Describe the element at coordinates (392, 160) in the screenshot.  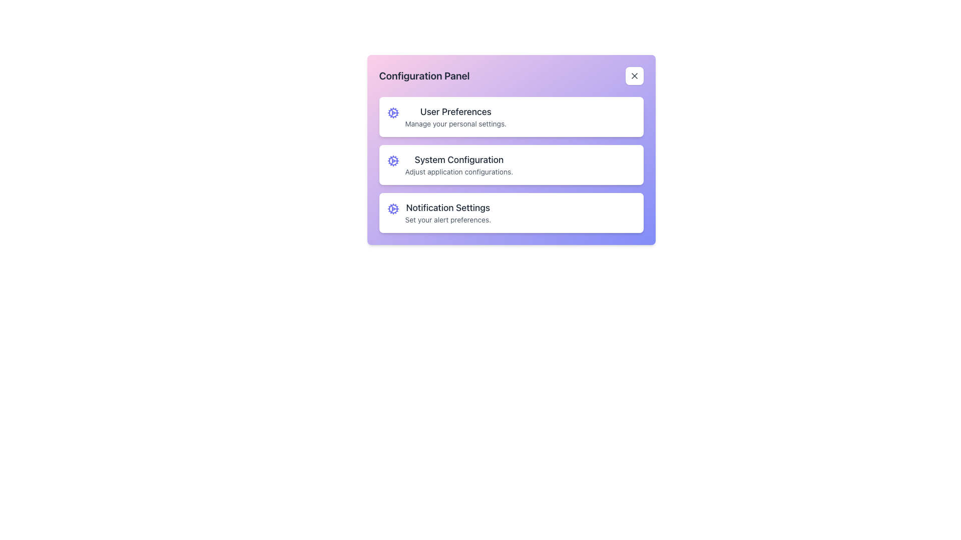
I see `the circular shape inside the cog-like icon, which is part of the configuration panel next to the 'System Configuration' text` at that location.